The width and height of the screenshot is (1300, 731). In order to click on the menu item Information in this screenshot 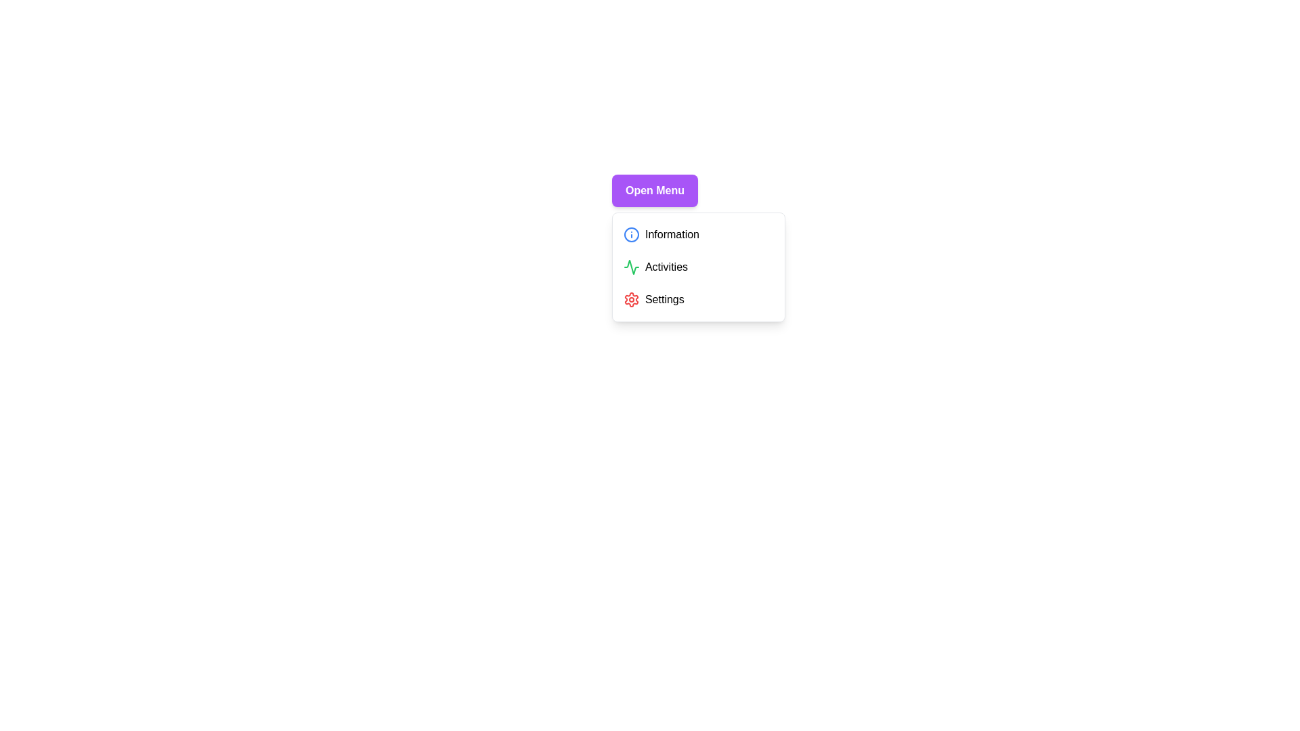, I will do `click(699, 234)`.